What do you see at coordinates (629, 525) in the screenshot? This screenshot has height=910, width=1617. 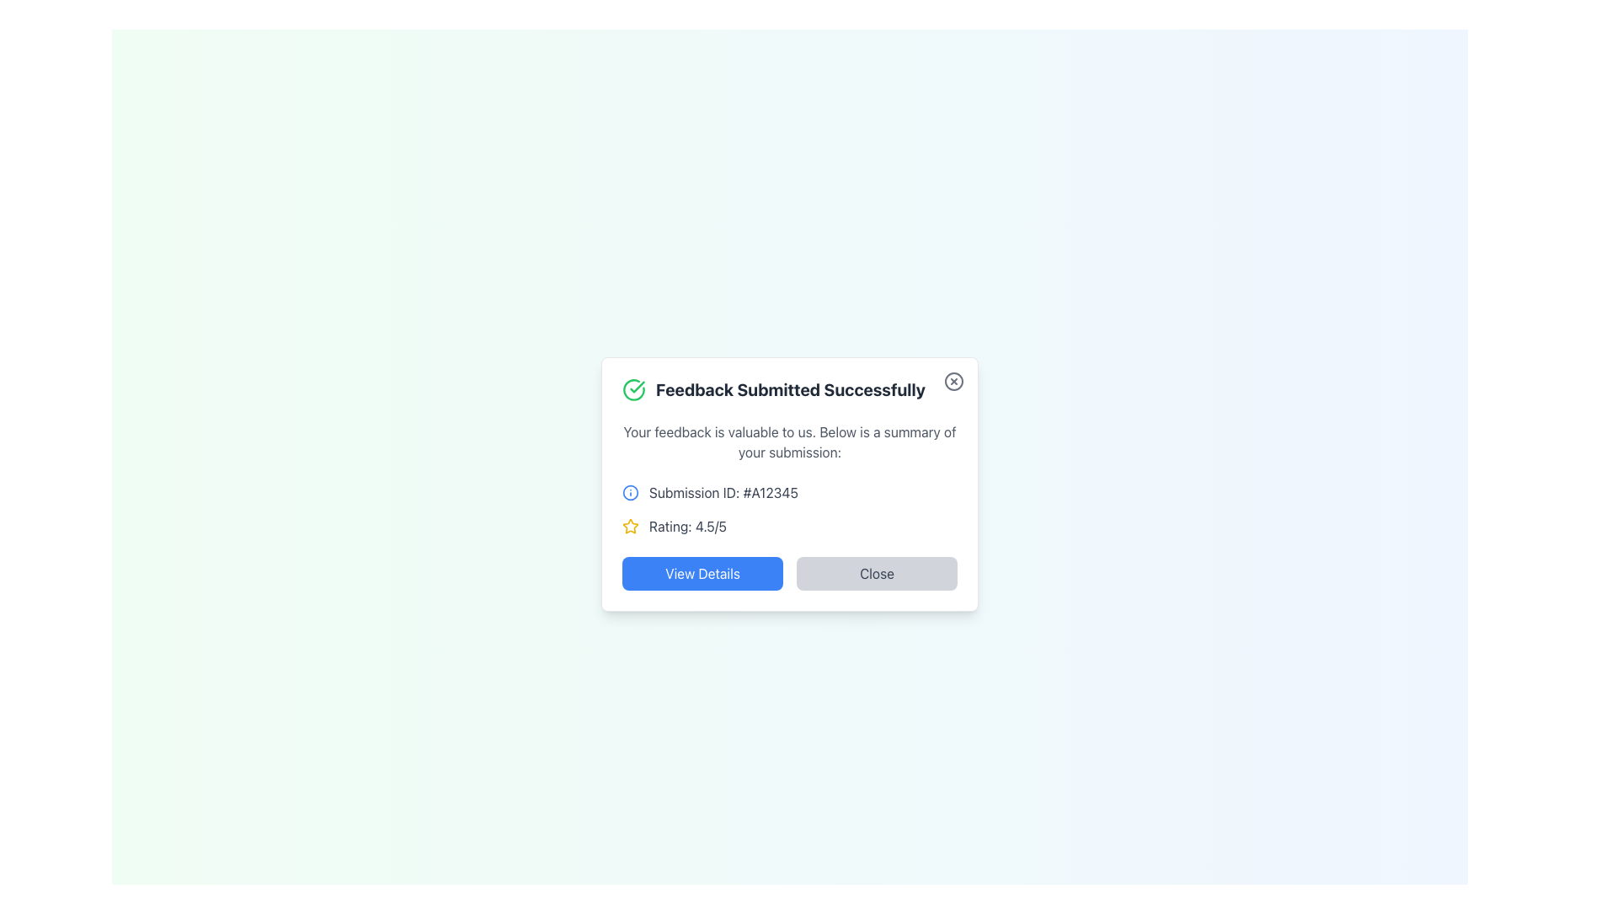 I see `the star-shaped icon used for rating, located in the rating summary section before the text 'Rating: 4.5/5'` at bounding box center [629, 525].